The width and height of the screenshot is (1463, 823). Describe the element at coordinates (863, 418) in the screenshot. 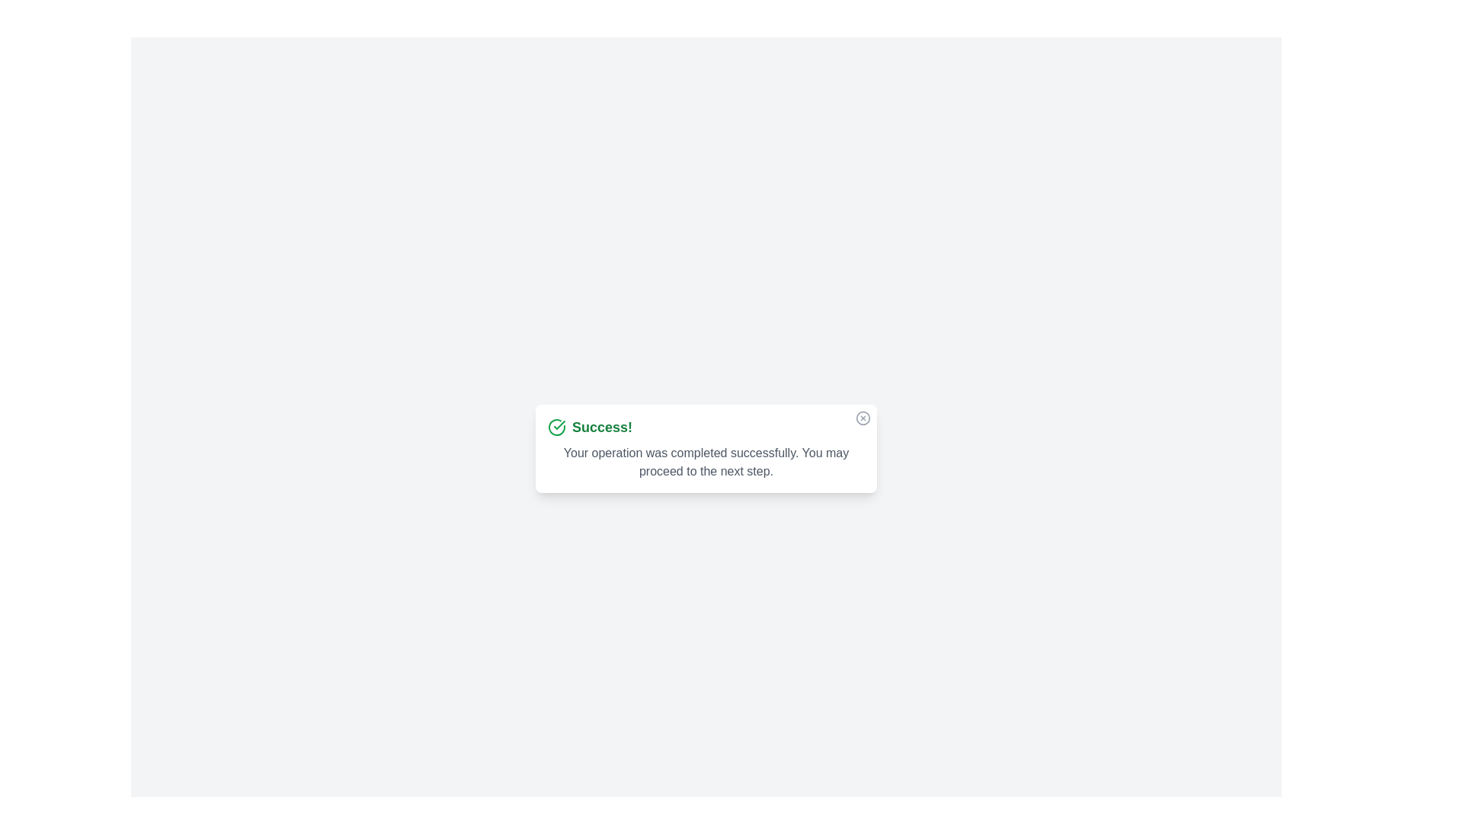

I see `the close icon to dismiss the alert` at that location.